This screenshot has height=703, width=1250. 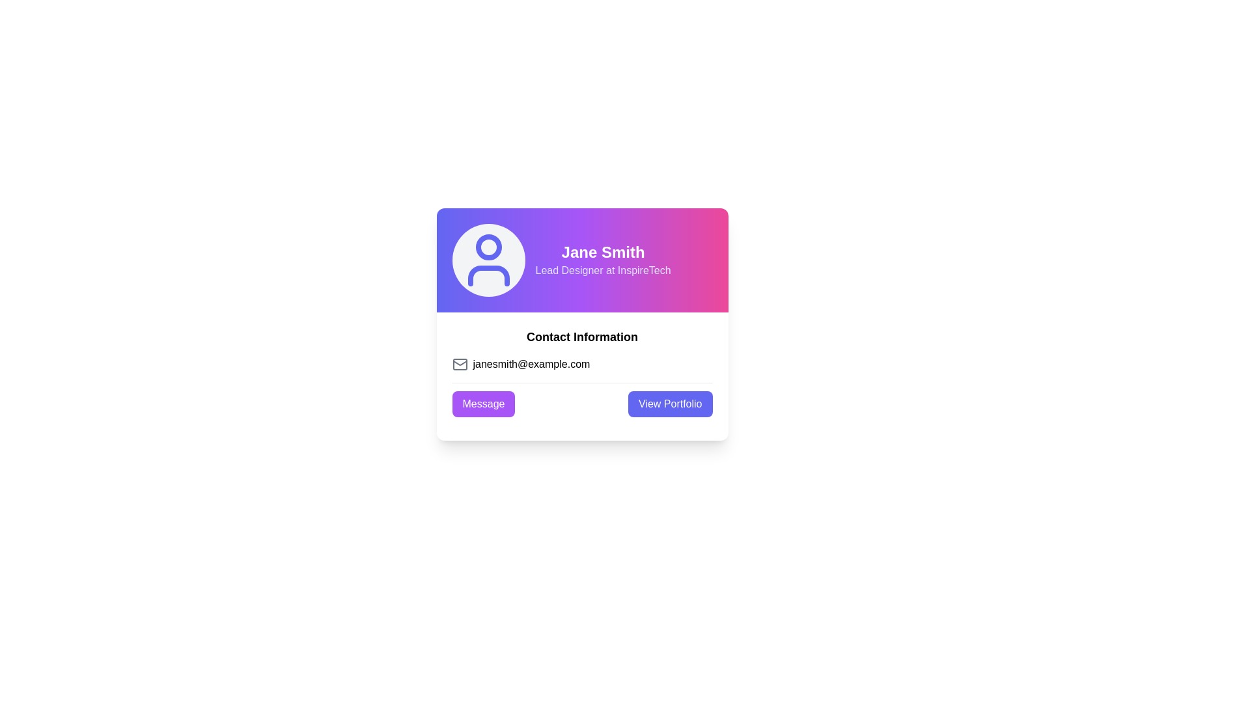 What do you see at coordinates (670, 404) in the screenshot?
I see `the 'View Portfolio' button with a solid indigo background and white text` at bounding box center [670, 404].